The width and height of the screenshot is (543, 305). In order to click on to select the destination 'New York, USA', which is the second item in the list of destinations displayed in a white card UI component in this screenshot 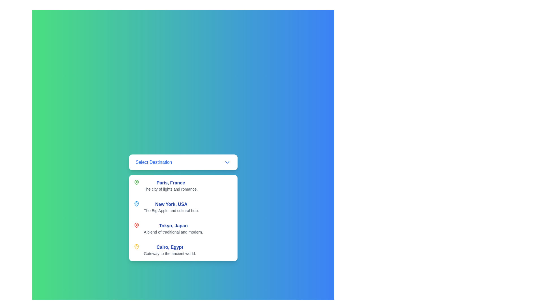, I will do `click(171, 207)`.